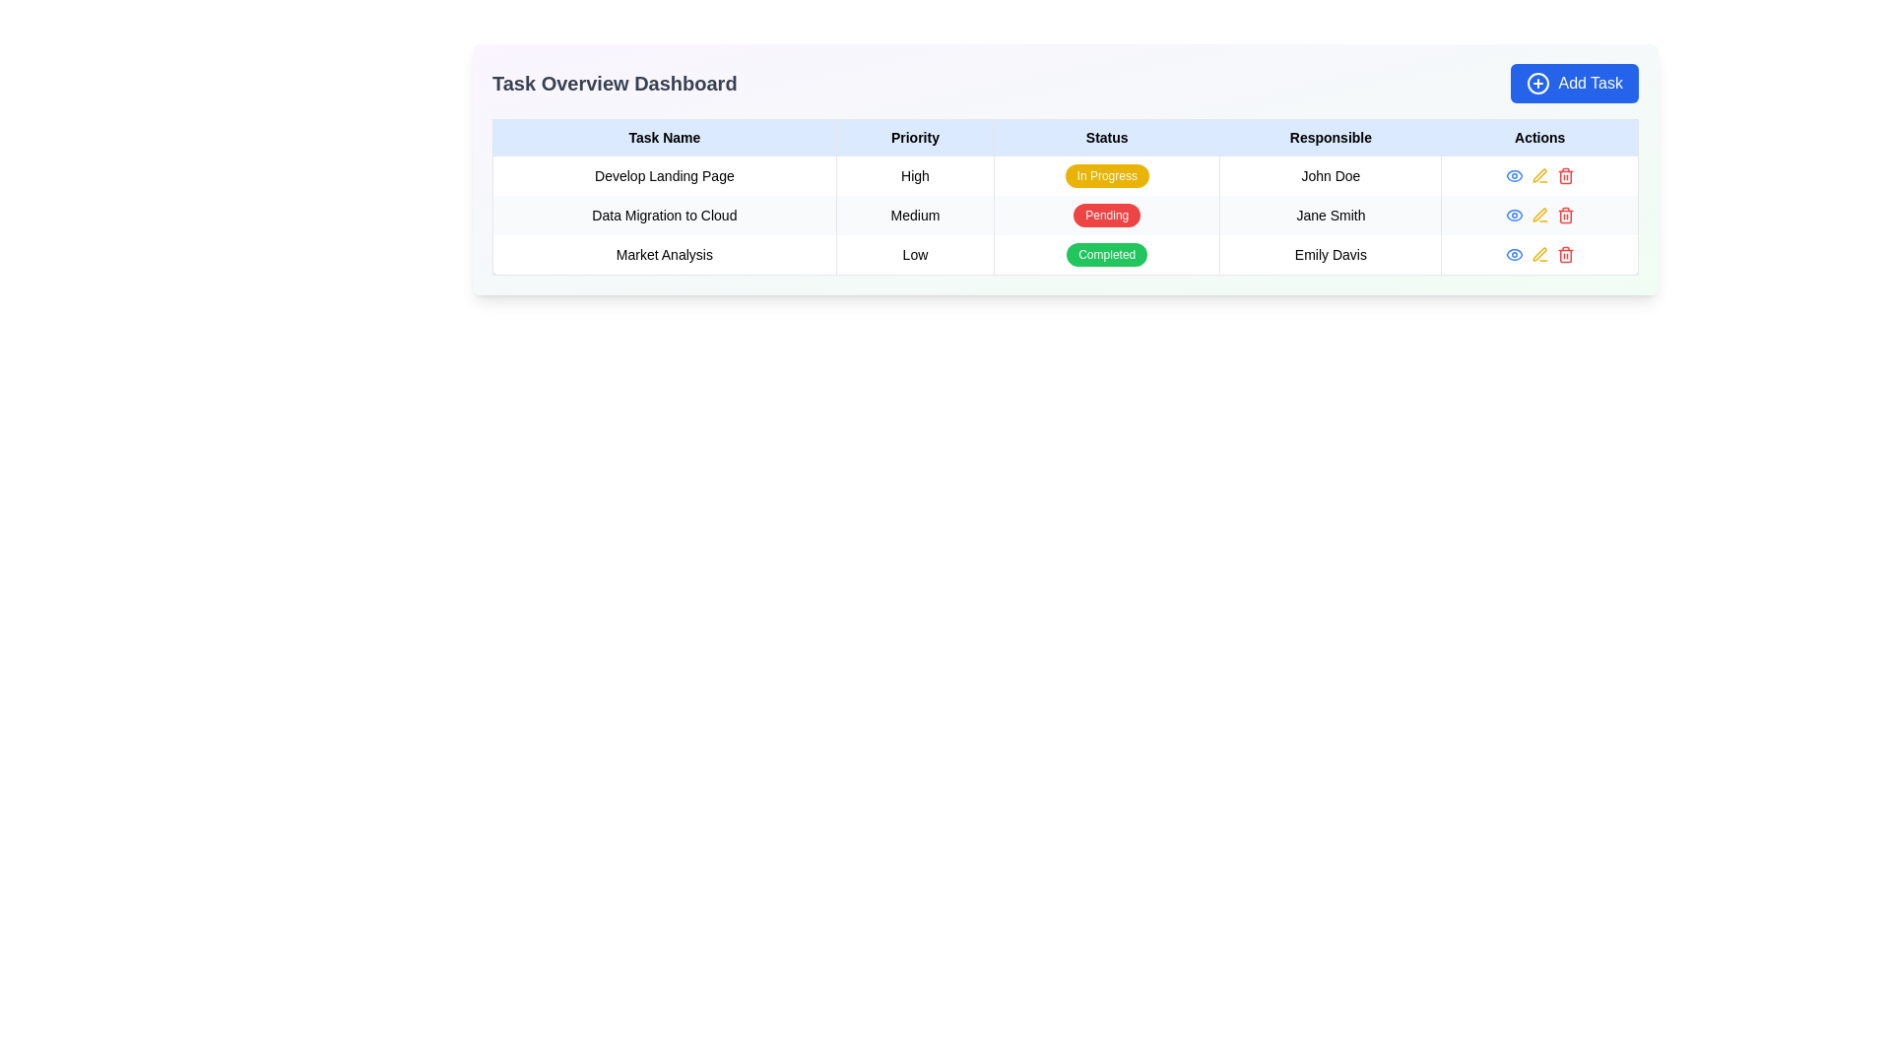 This screenshot has width=1891, height=1063. Describe the element at coordinates (914, 174) in the screenshot. I see `the 'High' text label in the second cell of the 'Priority' column for the task 'Develop Landing Page' in the task table` at that location.